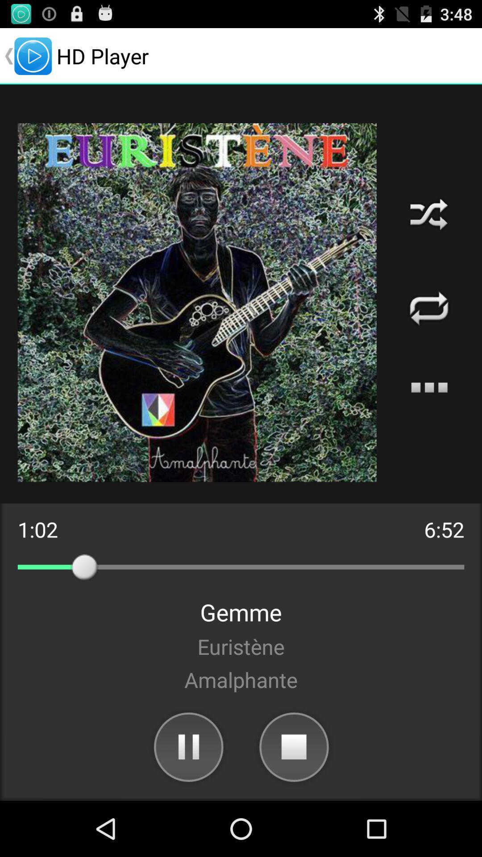 This screenshot has width=482, height=857. Describe the element at coordinates (37, 529) in the screenshot. I see `the 1:02 icon` at that location.